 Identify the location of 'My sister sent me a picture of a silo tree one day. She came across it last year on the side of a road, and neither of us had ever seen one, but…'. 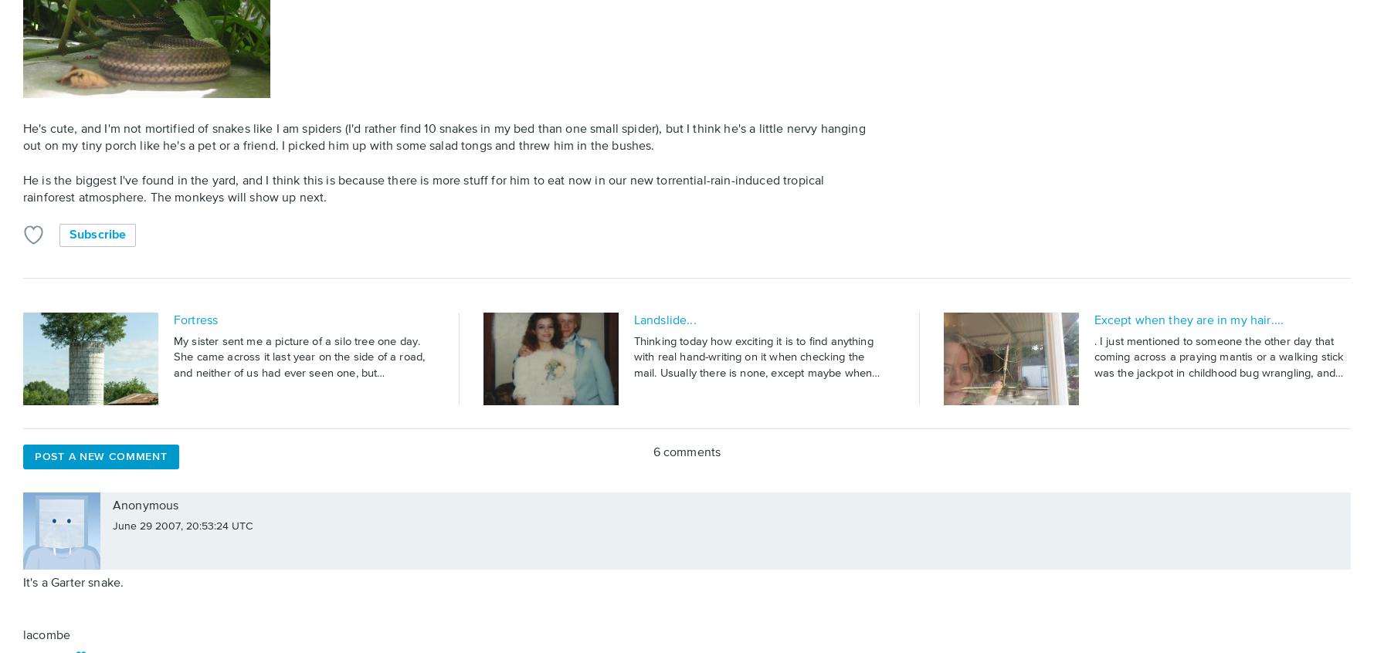
(298, 356).